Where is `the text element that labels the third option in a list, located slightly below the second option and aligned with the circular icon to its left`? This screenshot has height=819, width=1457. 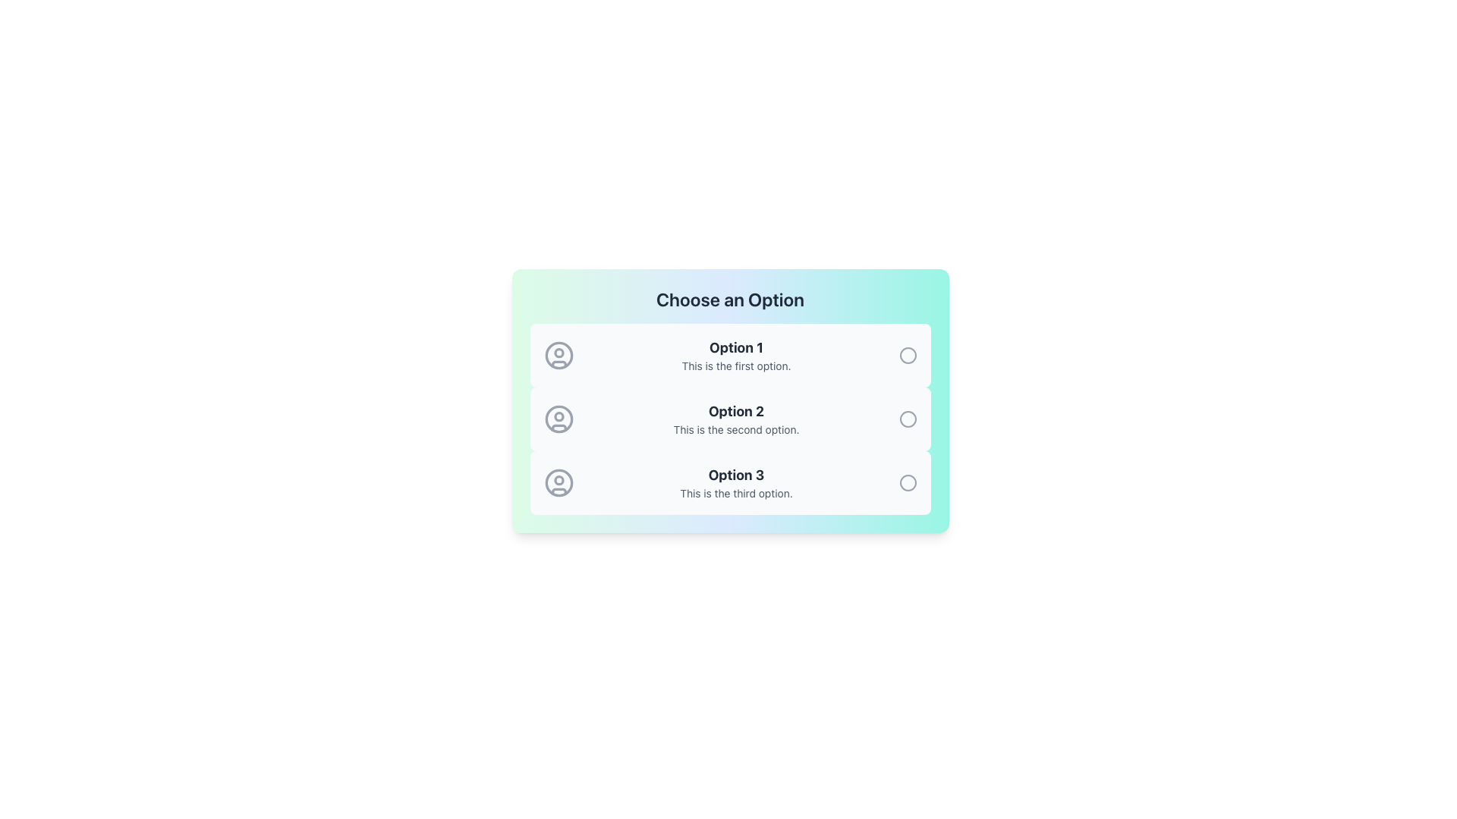
the text element that labels the third option in a list, located slightly below the second option and aligned with the circular icon to its left is located at coordinates (736, 475).